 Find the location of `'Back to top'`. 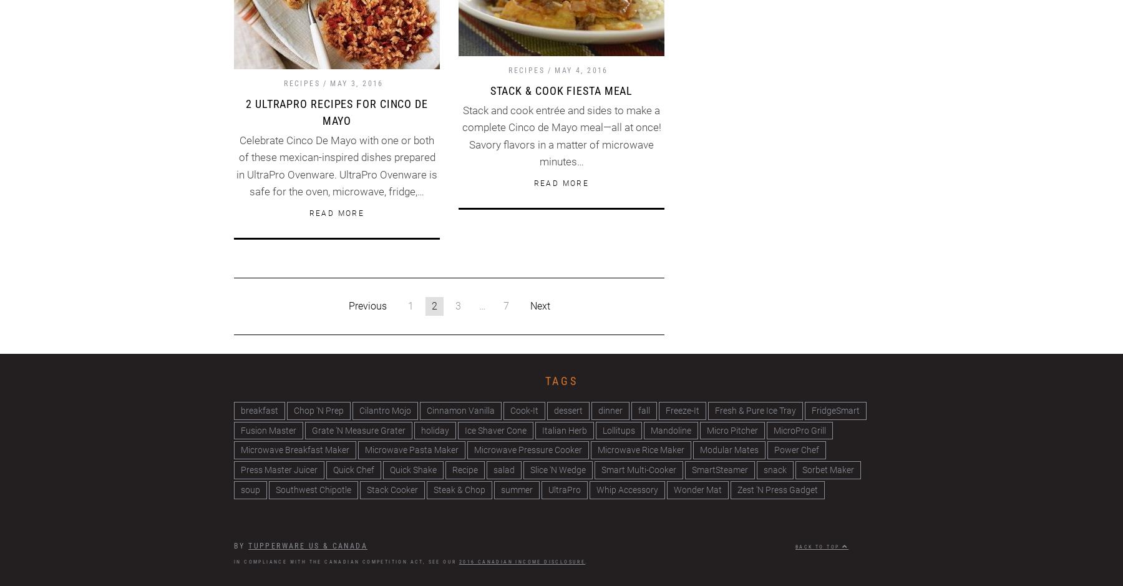

'Back to top' is located at coordinates (819, 545).